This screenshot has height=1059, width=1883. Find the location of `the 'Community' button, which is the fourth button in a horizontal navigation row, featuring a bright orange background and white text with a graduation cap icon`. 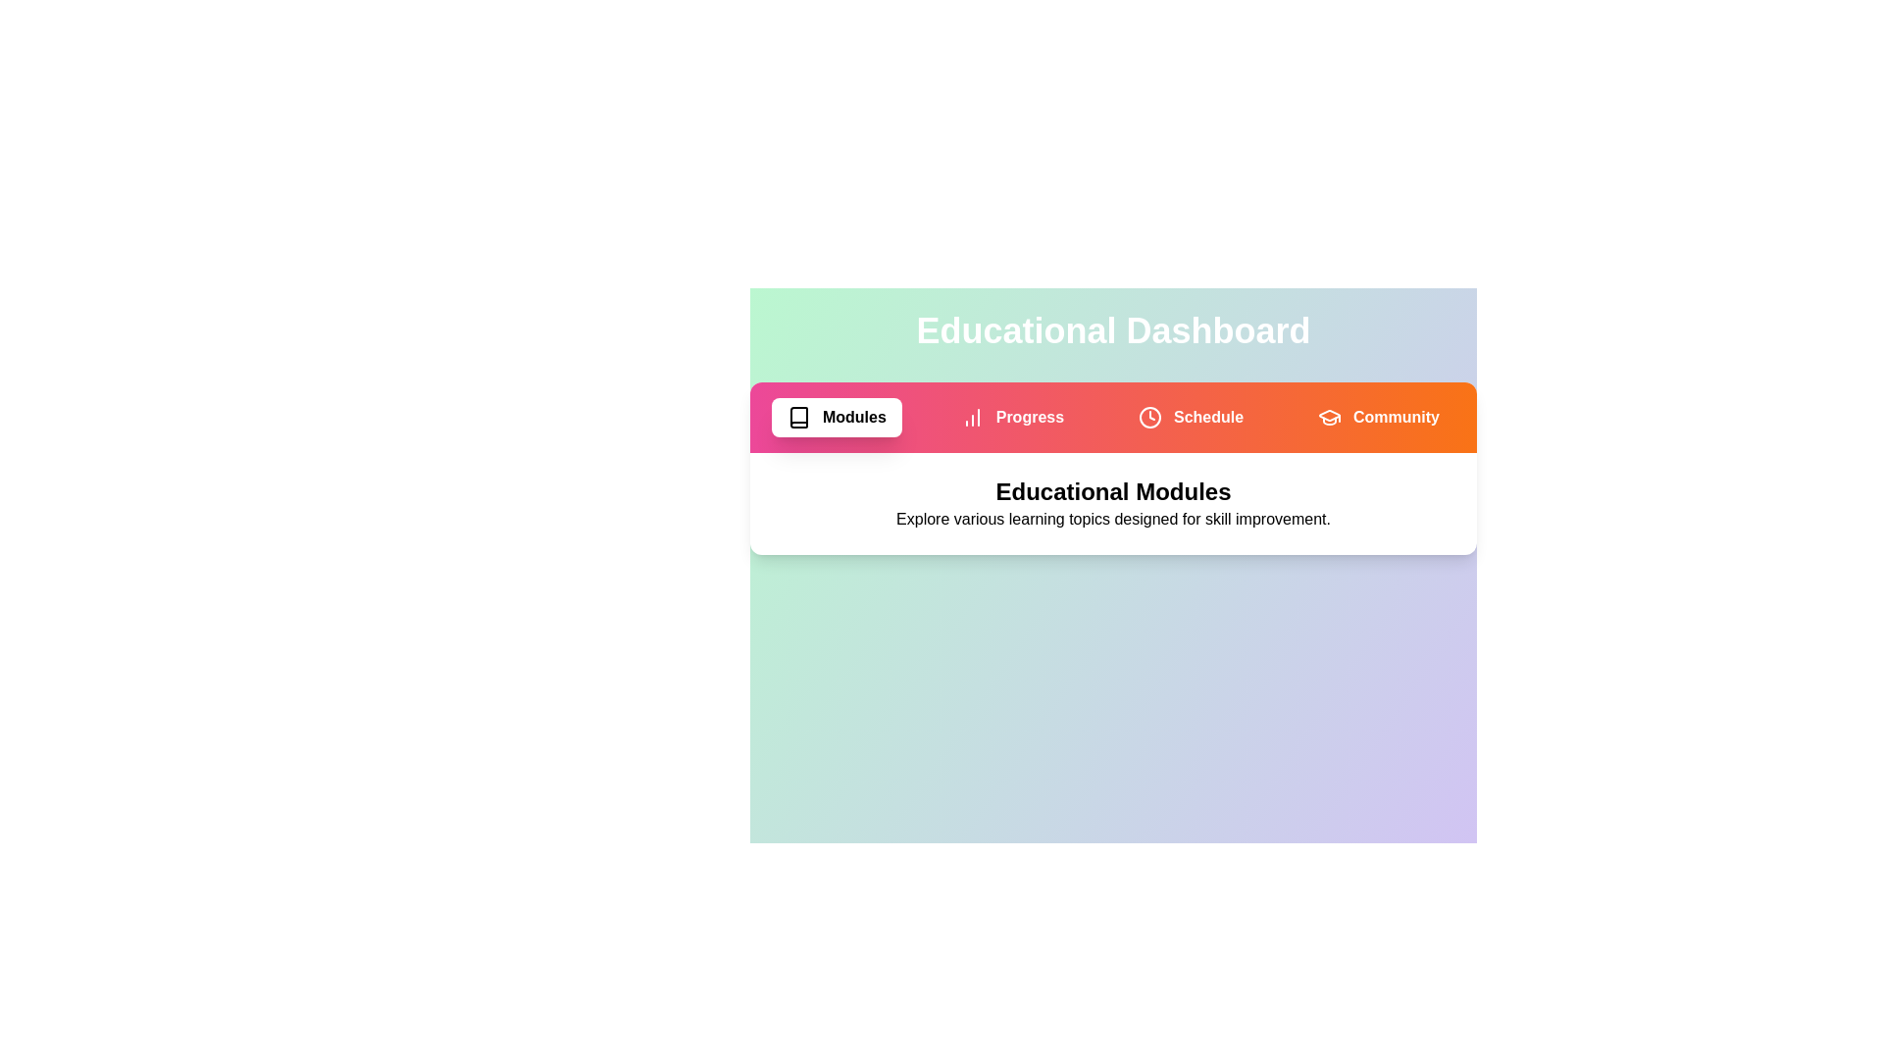

the 'Community' button, which is the fourth button in a horizontal navigation row, featuring a bright orange background and white text with a graduation cap icon is located at coordinates (1378, 416).